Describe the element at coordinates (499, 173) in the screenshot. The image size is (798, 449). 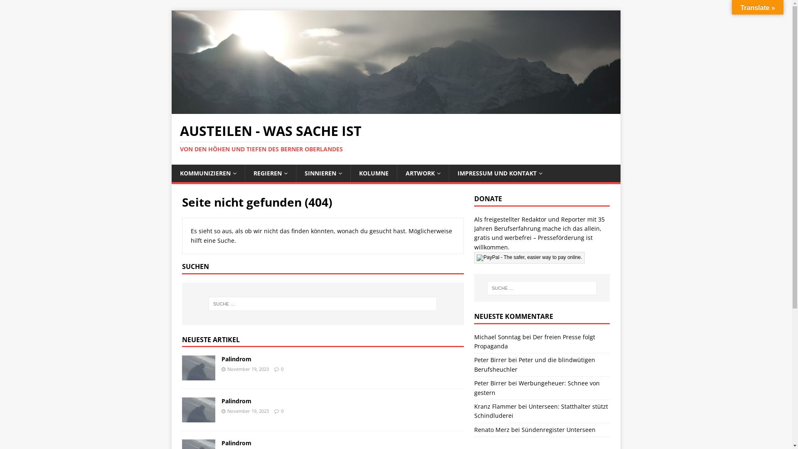
I see `'IMPRESSUM UND KONTAKT'` at that location.